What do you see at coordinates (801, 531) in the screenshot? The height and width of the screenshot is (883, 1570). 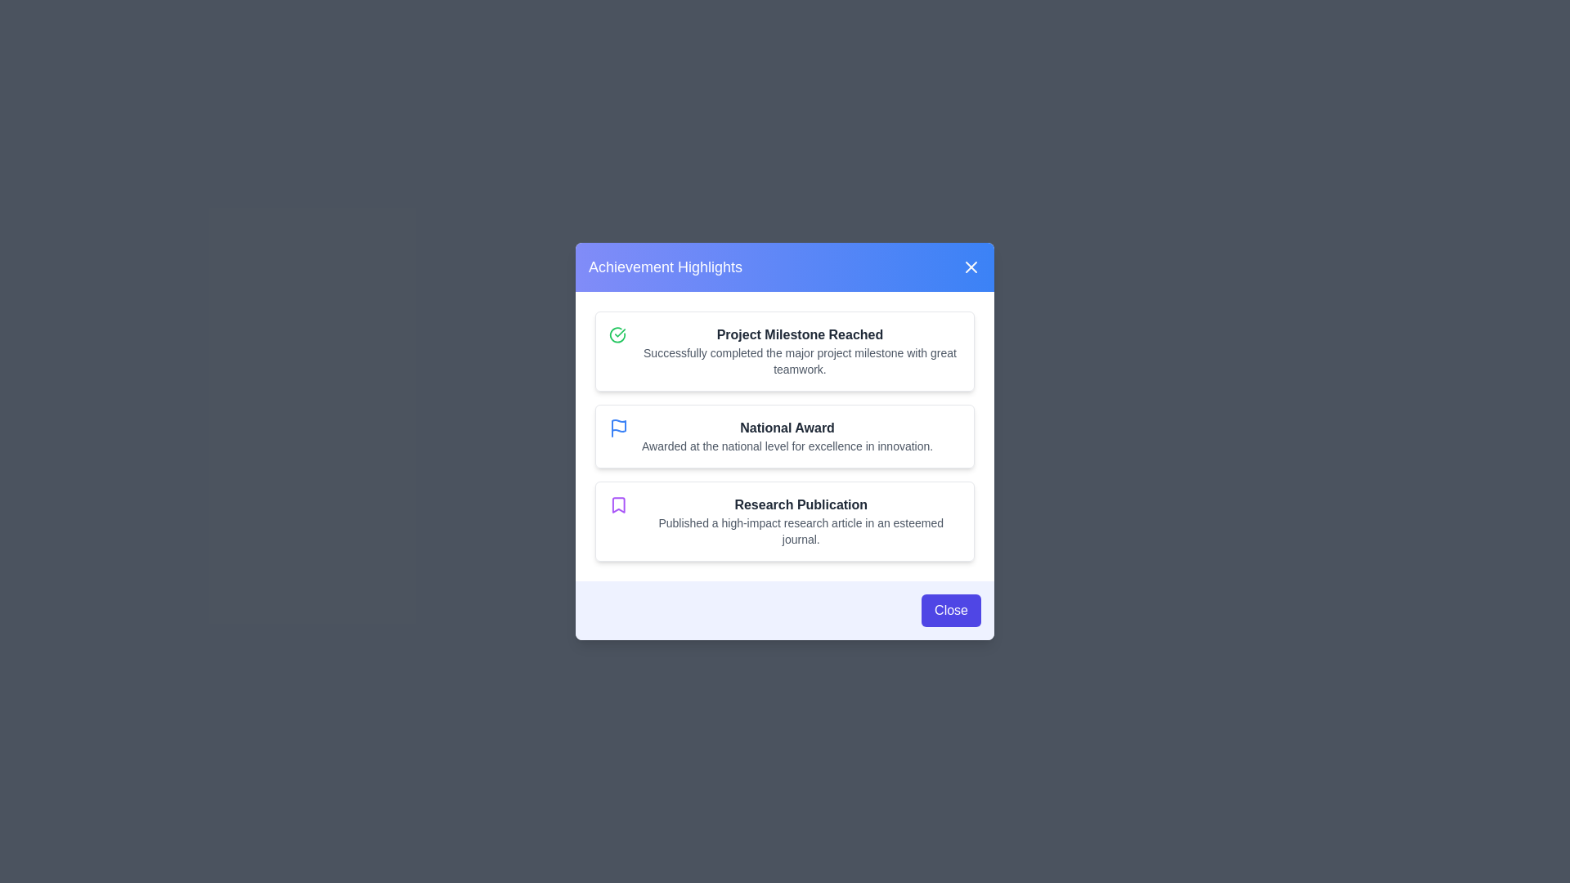 I see `the static text label that provides details about the 'Research Publication' achievement, positioned below its heading in a card-like section` at bounding box center [801, 531].